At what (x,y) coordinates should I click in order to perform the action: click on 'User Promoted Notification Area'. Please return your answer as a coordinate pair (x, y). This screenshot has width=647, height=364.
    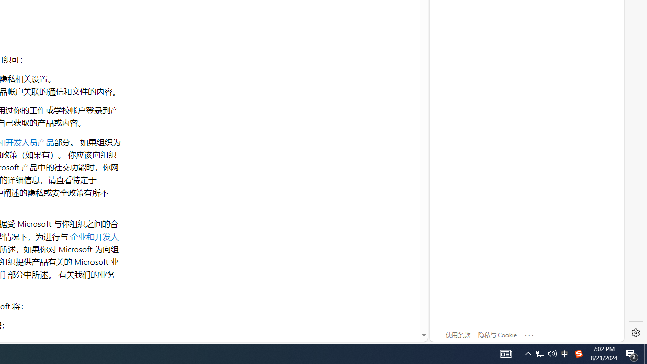
    Looking at the image, I should click on (540, 353).